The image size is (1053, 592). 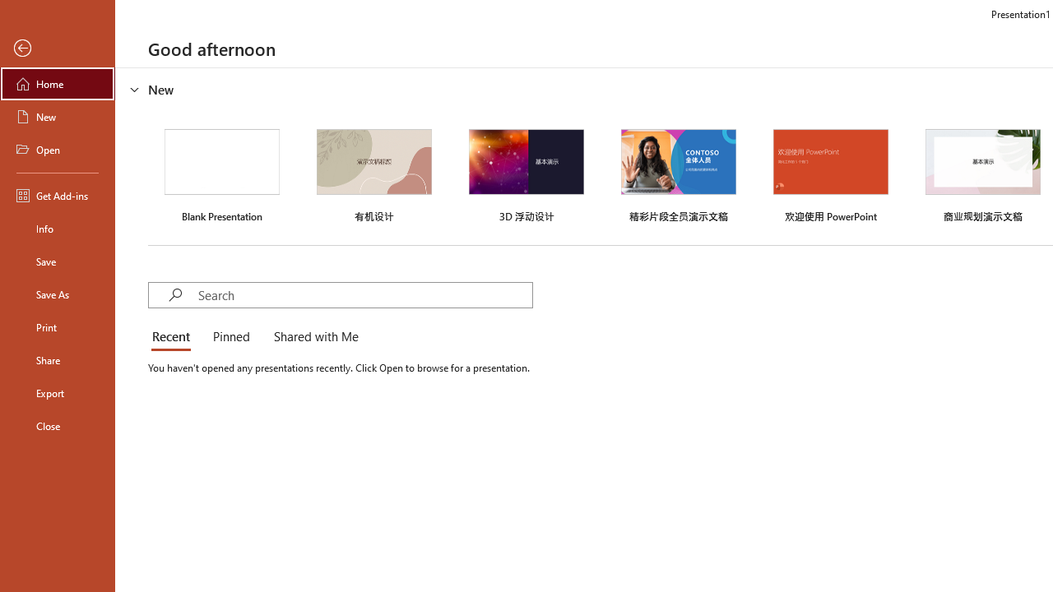 What do you see at coordinates (57, 393) in the screenshot?
I see `'Export'` at bounding box center [57, 393].